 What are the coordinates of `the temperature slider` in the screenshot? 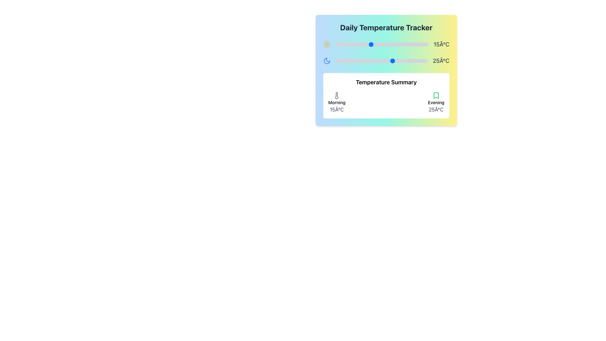 It's located at (391, 44).